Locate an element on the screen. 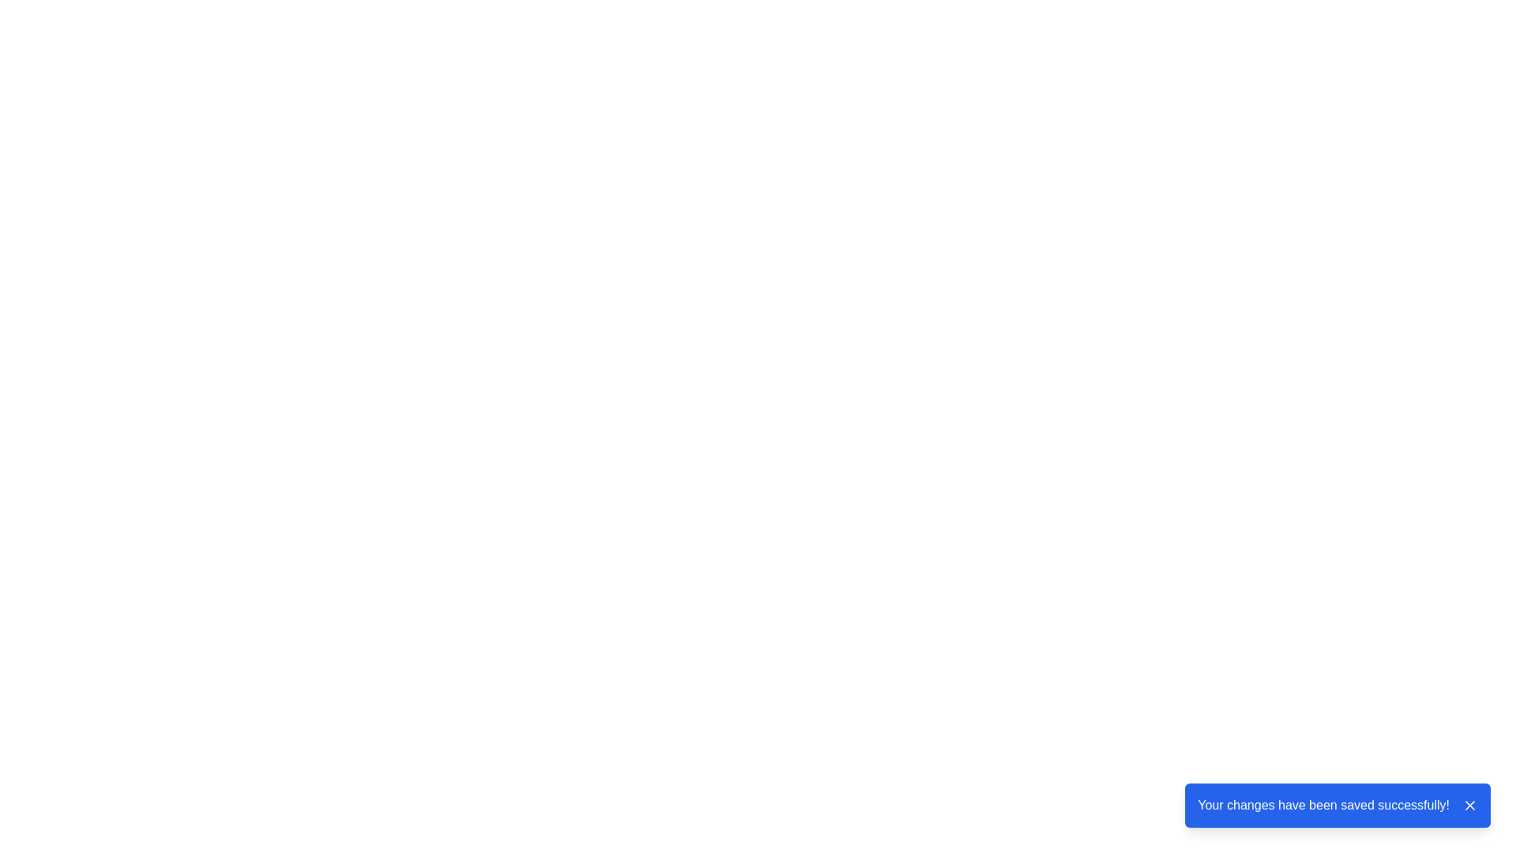  the message on the static notification banner that reads 'Your changes have been saved successfully!' located at the bottom right corner of the interface is located at coordinates (1337, 805).